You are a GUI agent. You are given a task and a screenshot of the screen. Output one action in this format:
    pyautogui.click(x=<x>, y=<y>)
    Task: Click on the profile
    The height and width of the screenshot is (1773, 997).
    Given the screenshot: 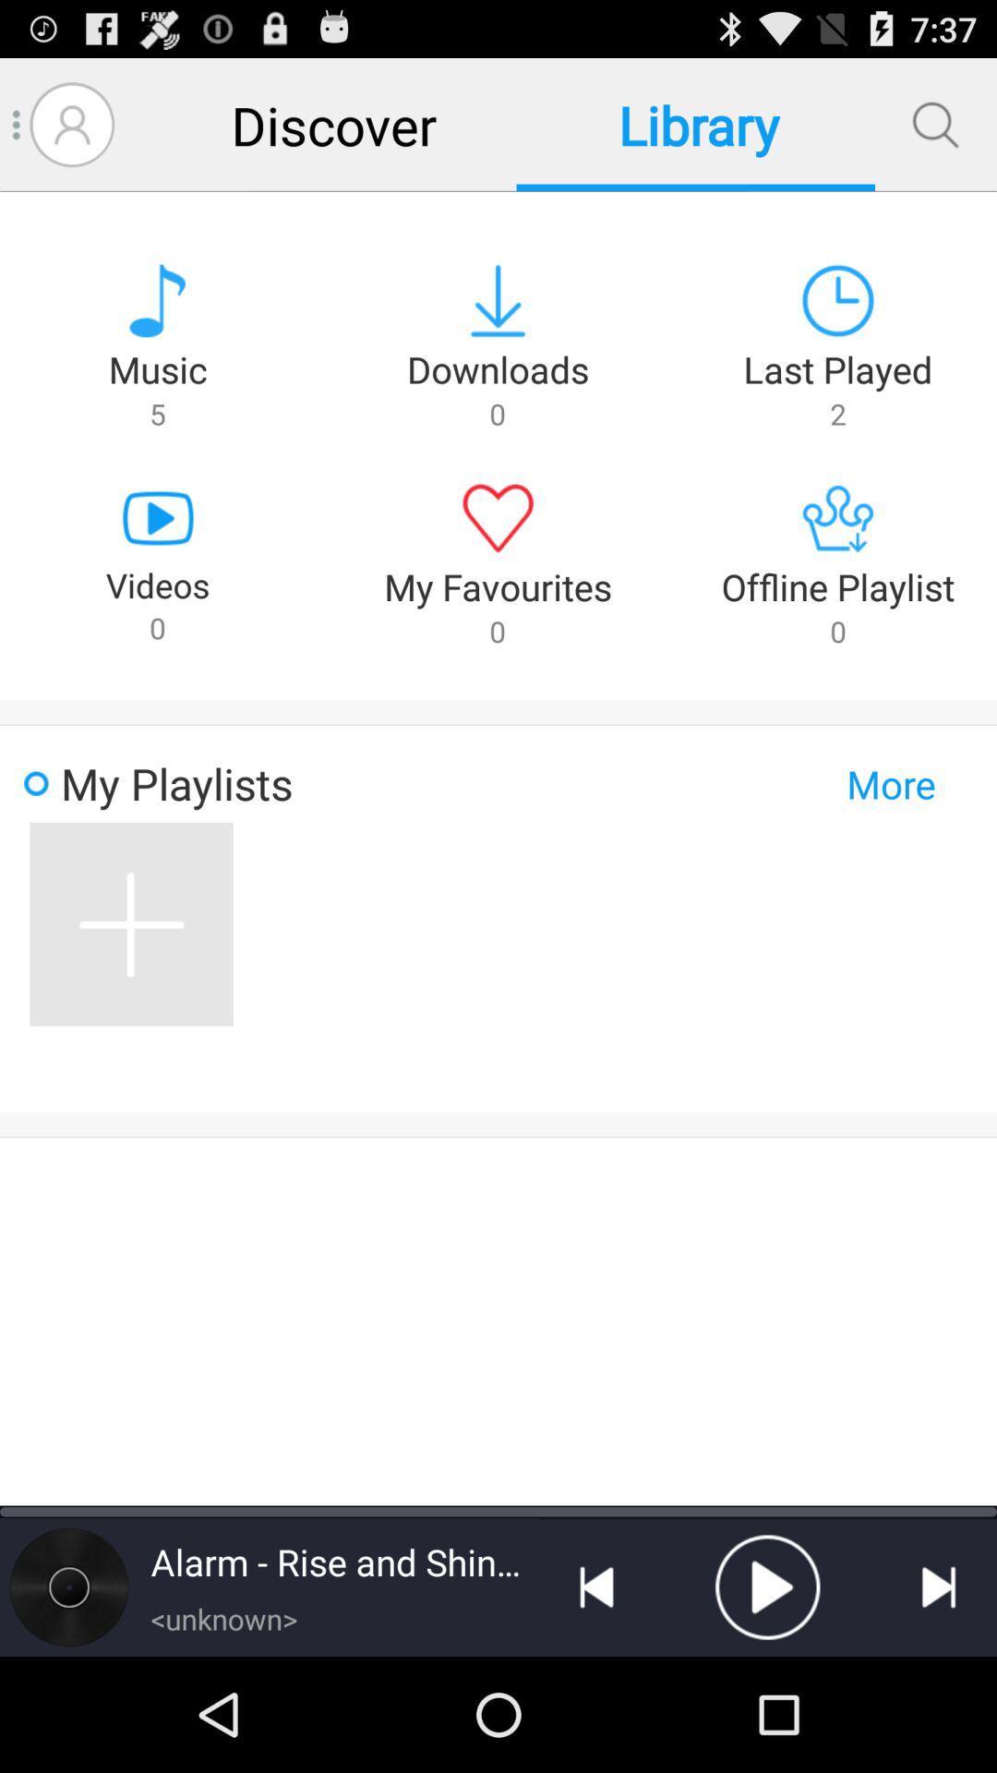 What is the action you would take?
    pyautogui.click(x=71, y=124)
    